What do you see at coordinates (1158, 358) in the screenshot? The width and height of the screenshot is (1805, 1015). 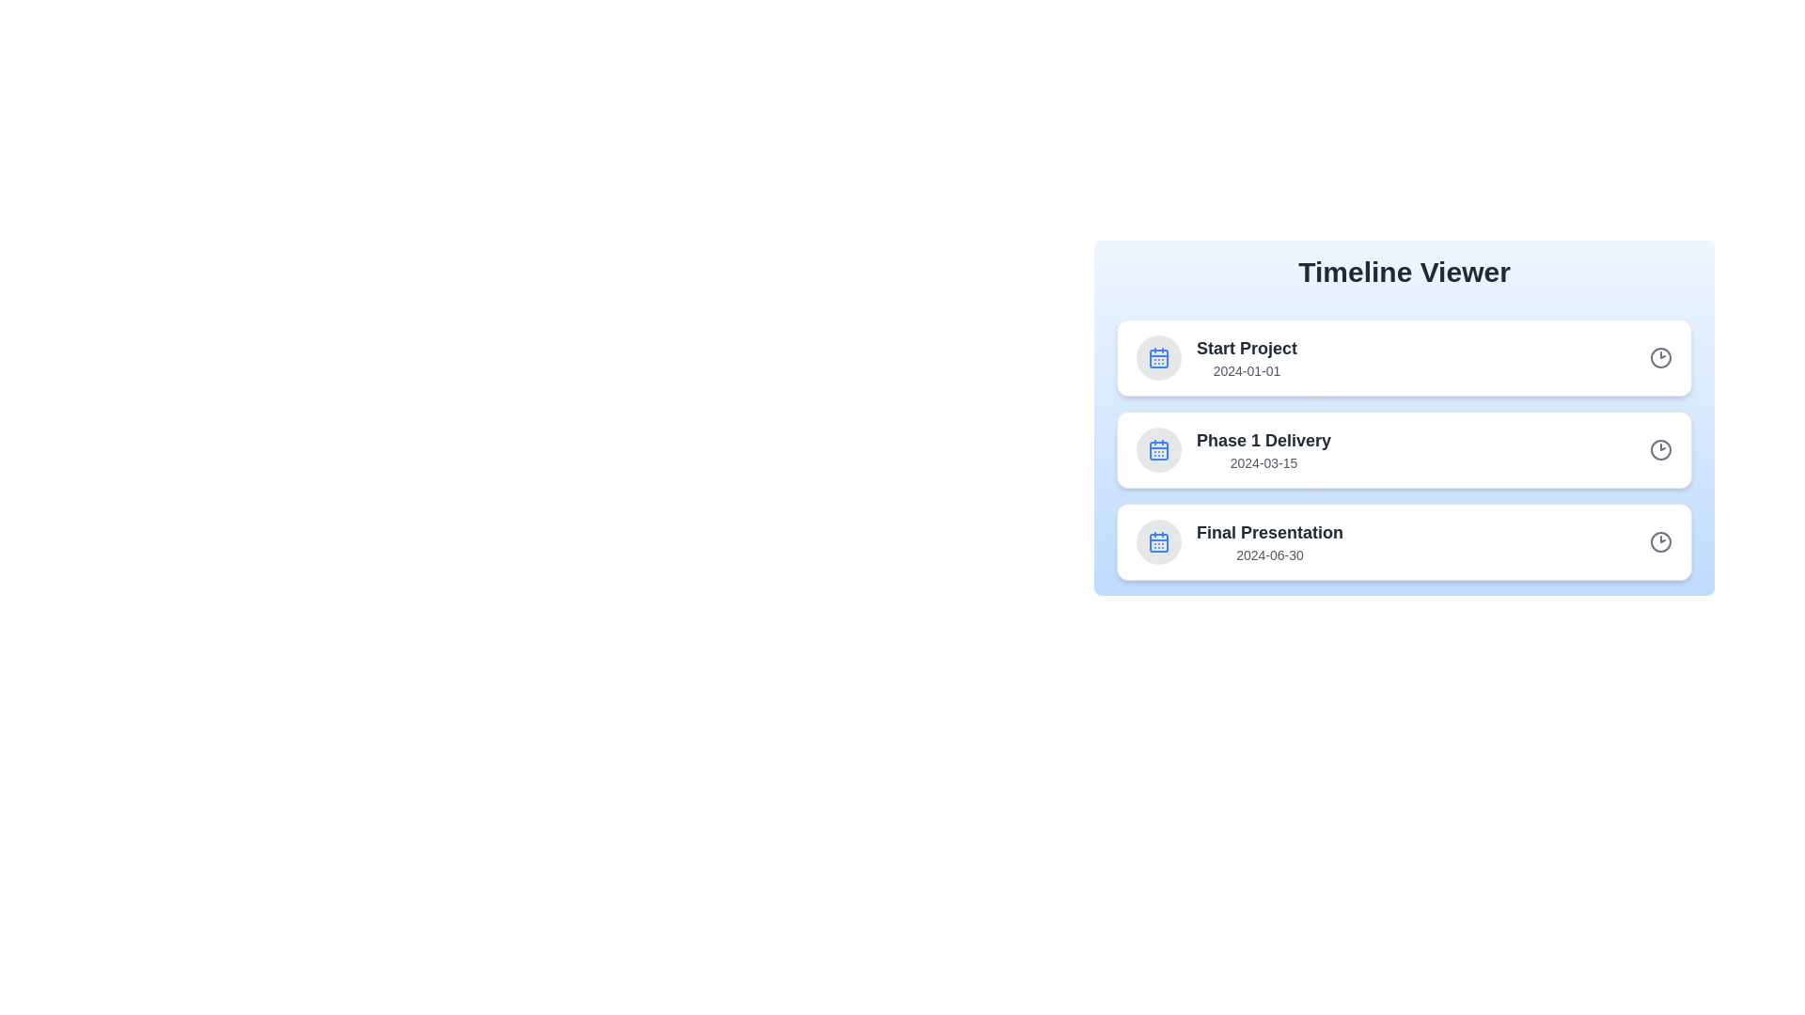 I see `the leftmost icon in the first list item of the vertical timeline layout, which represents the 'Start Project' entry near the text 'Start Project' and the date '2024-01-01'` at bounding box center [1158, 358].